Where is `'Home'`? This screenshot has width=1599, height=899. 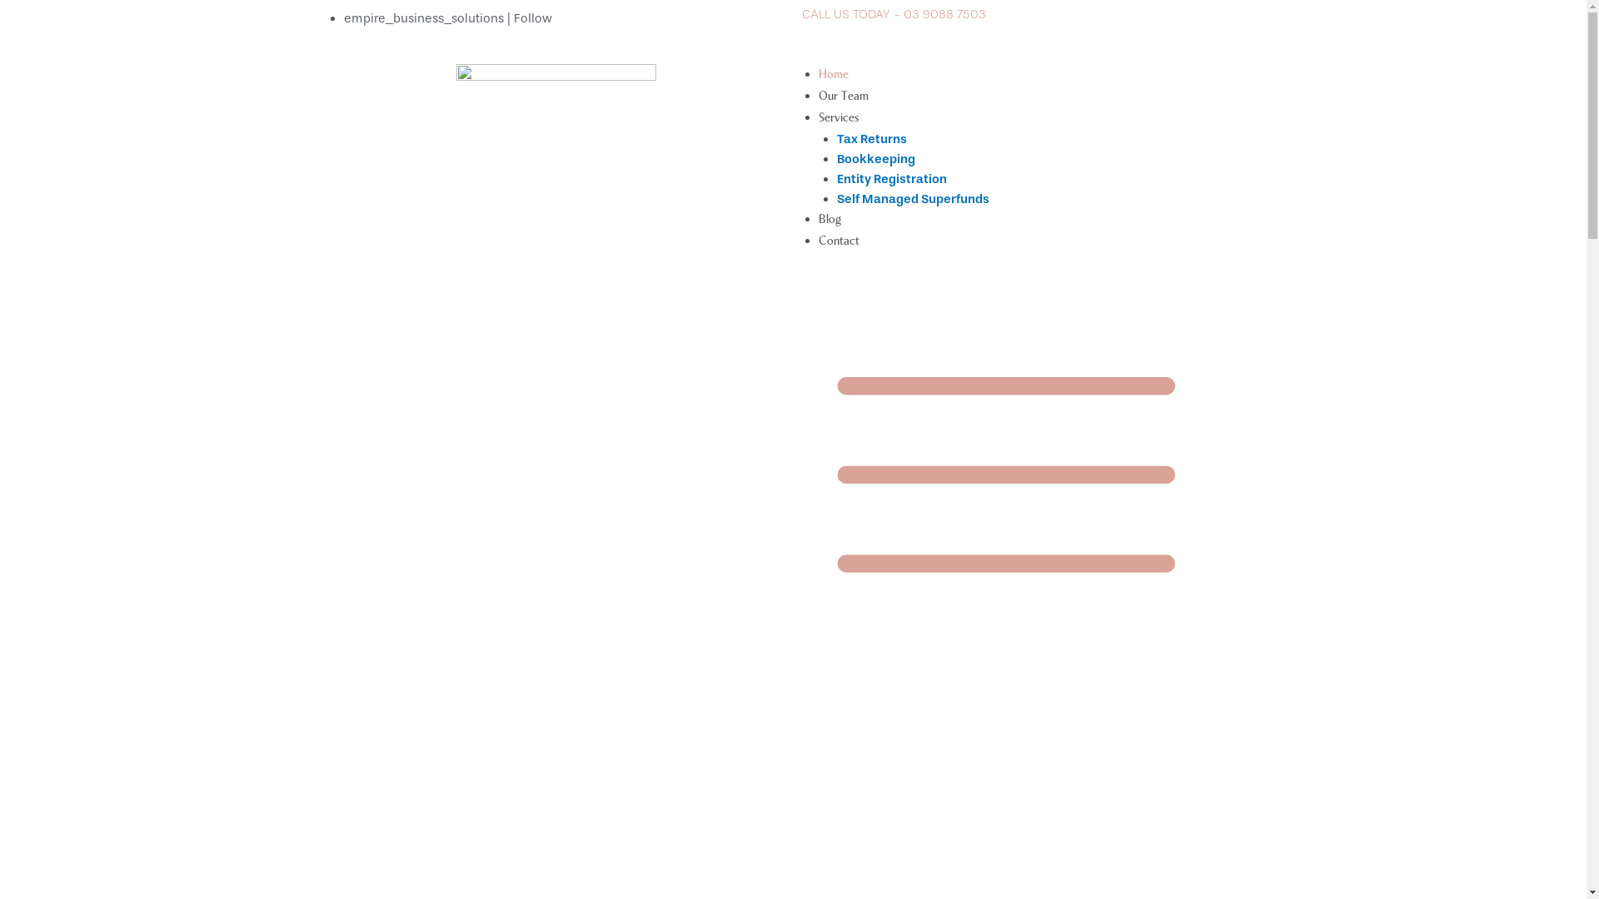 'Home' is located at coordinates (832, 73).